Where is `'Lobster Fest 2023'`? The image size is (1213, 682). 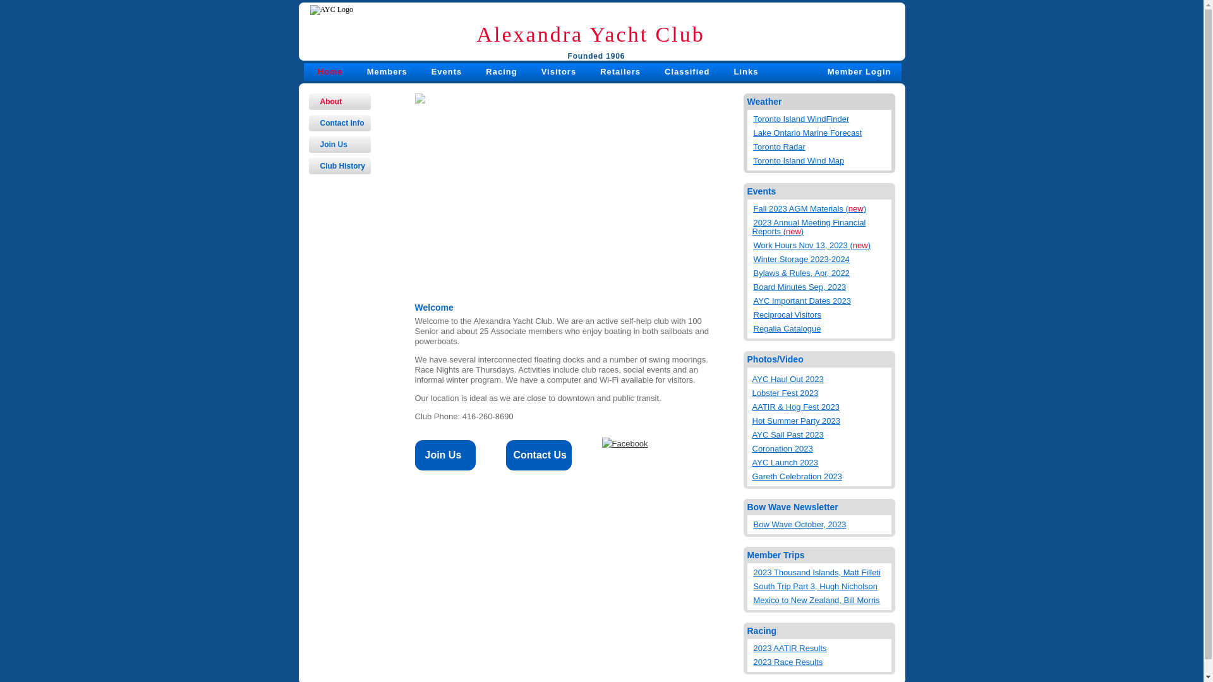 'Lobster Fest 2023' is located at coordinates (819, 393).